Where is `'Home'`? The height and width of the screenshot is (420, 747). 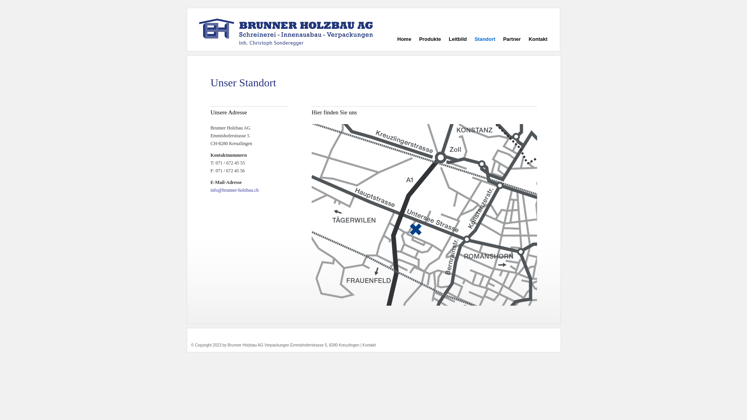 'Home' is located at coordinates (404, 39).